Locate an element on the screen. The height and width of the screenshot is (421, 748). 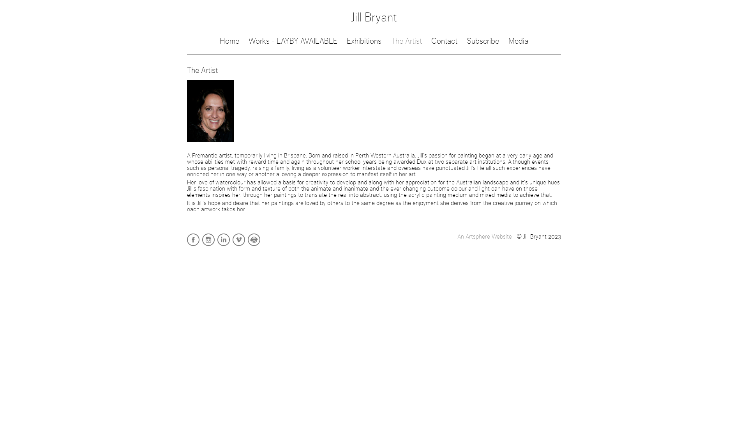
'Instagram' is located at coordinates (209, 245).